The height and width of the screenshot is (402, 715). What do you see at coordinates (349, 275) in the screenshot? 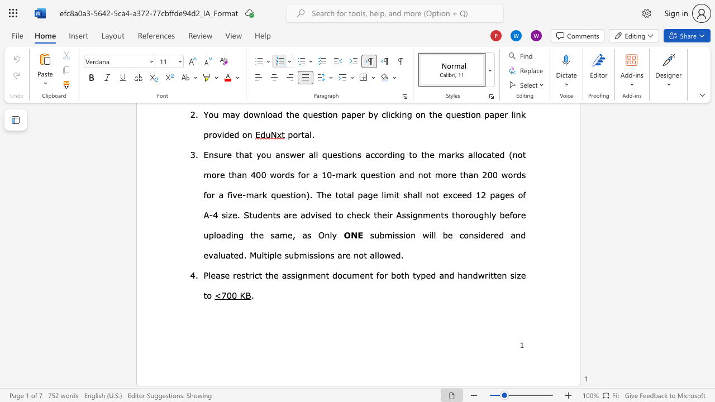
I see `the 1th character "u" in the text` at bounding box center [349, 275].